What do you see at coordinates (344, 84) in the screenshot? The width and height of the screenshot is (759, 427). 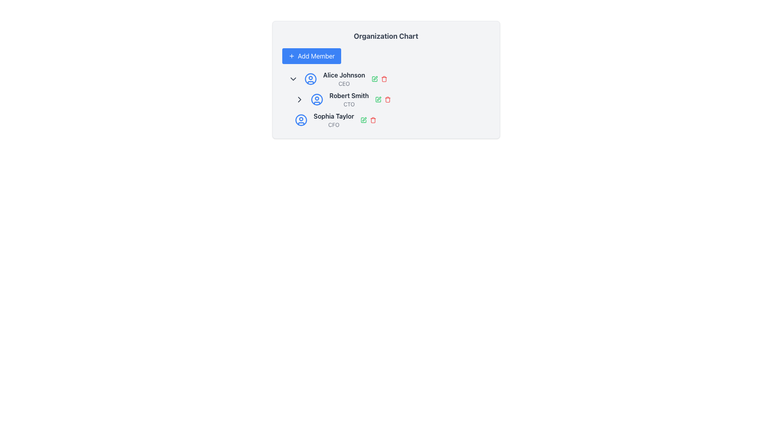 I see `the text label indicating the job title 'CEO' of the individual 'Alice Johnson' in the organizational chart` at bounding box center [344, 84].